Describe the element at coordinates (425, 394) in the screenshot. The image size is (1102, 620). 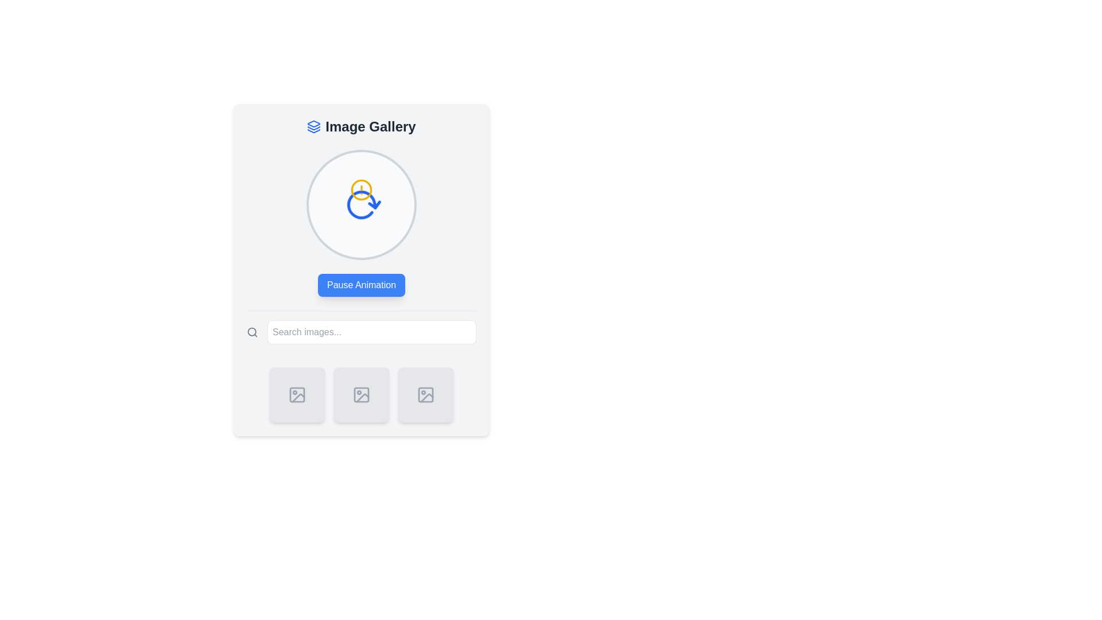
I see `the third button in a group of three, which has a gray background, rounded corners, and an image frame icon with a circle` at that location.